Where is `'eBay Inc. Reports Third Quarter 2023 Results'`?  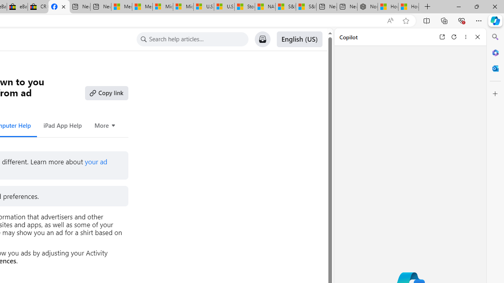 'eBay Inc. Reports Third Quarter 2023 Results' is located at coordinates (17, 7).